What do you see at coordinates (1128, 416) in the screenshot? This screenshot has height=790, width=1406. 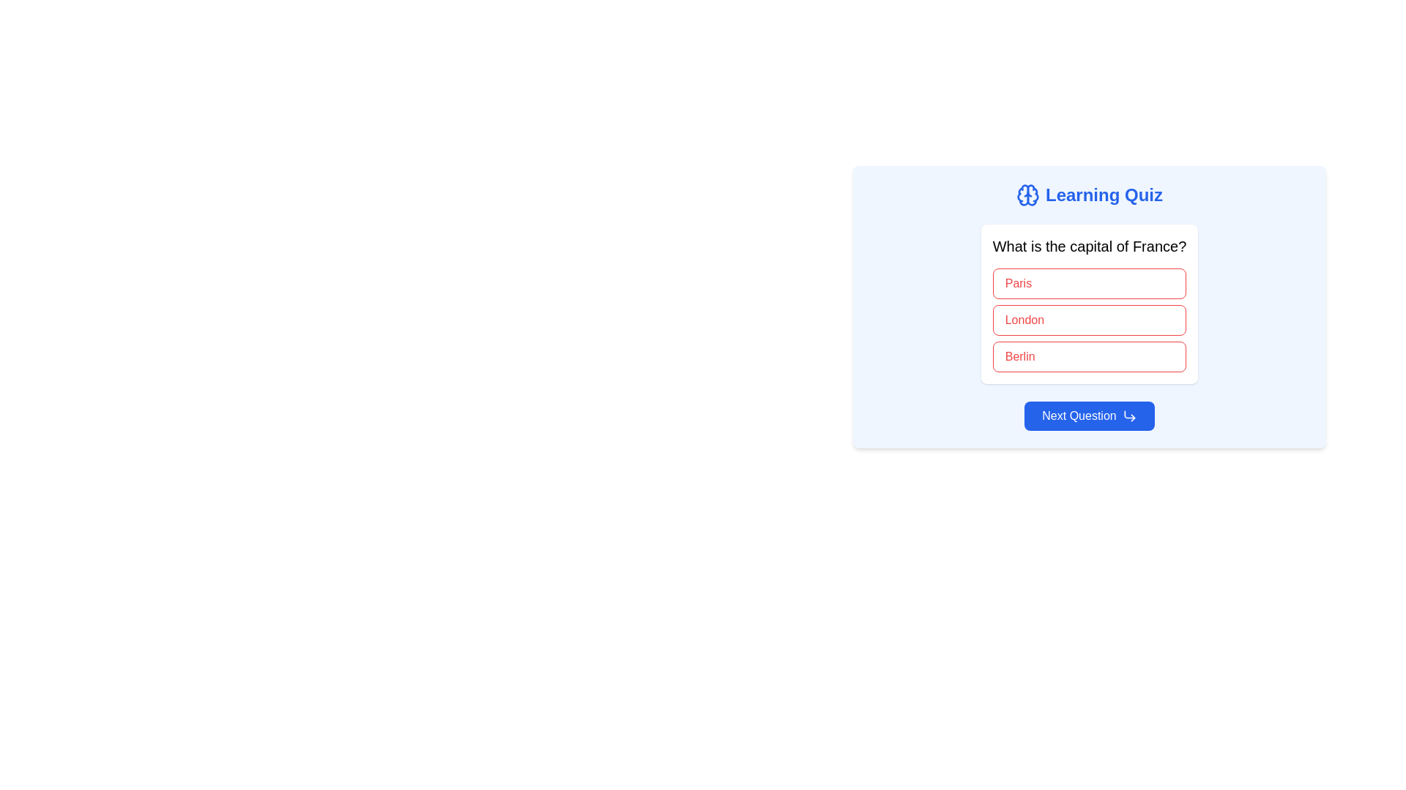 I see `the graphical icon inside the 'Next Question' button` at bounding box center [1128, 416].